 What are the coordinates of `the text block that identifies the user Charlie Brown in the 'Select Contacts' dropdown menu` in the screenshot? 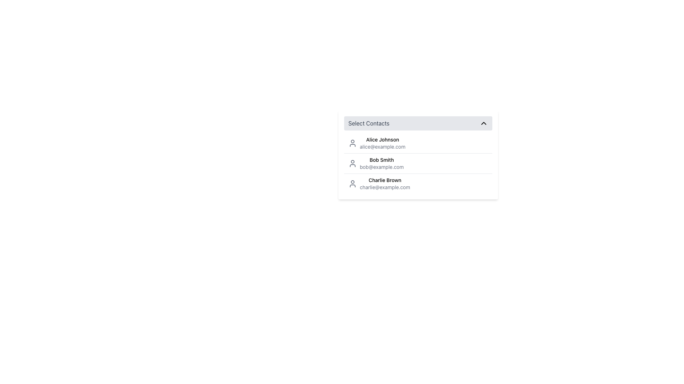 It's located at (384, 183).